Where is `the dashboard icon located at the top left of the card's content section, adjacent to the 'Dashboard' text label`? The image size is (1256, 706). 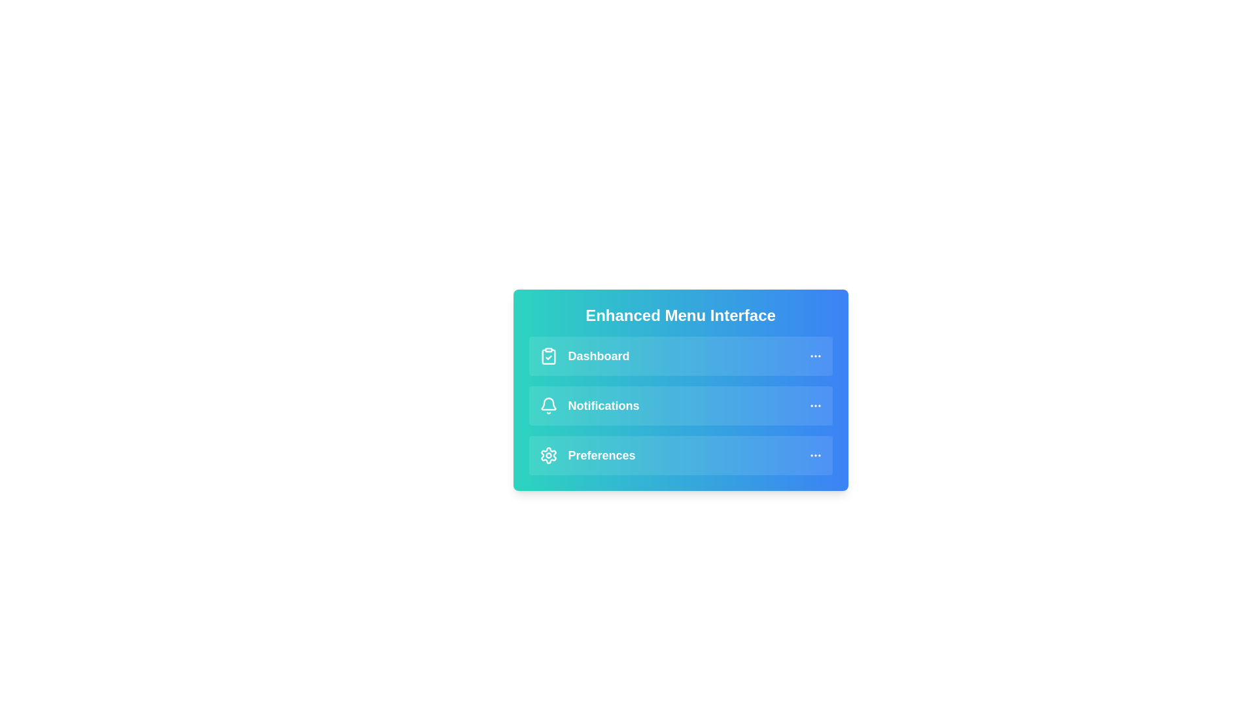 the dashboard icon located at the top left of the card's content section, adjacent to the 'Dashboard' text label is located at coordinates (548, 357).